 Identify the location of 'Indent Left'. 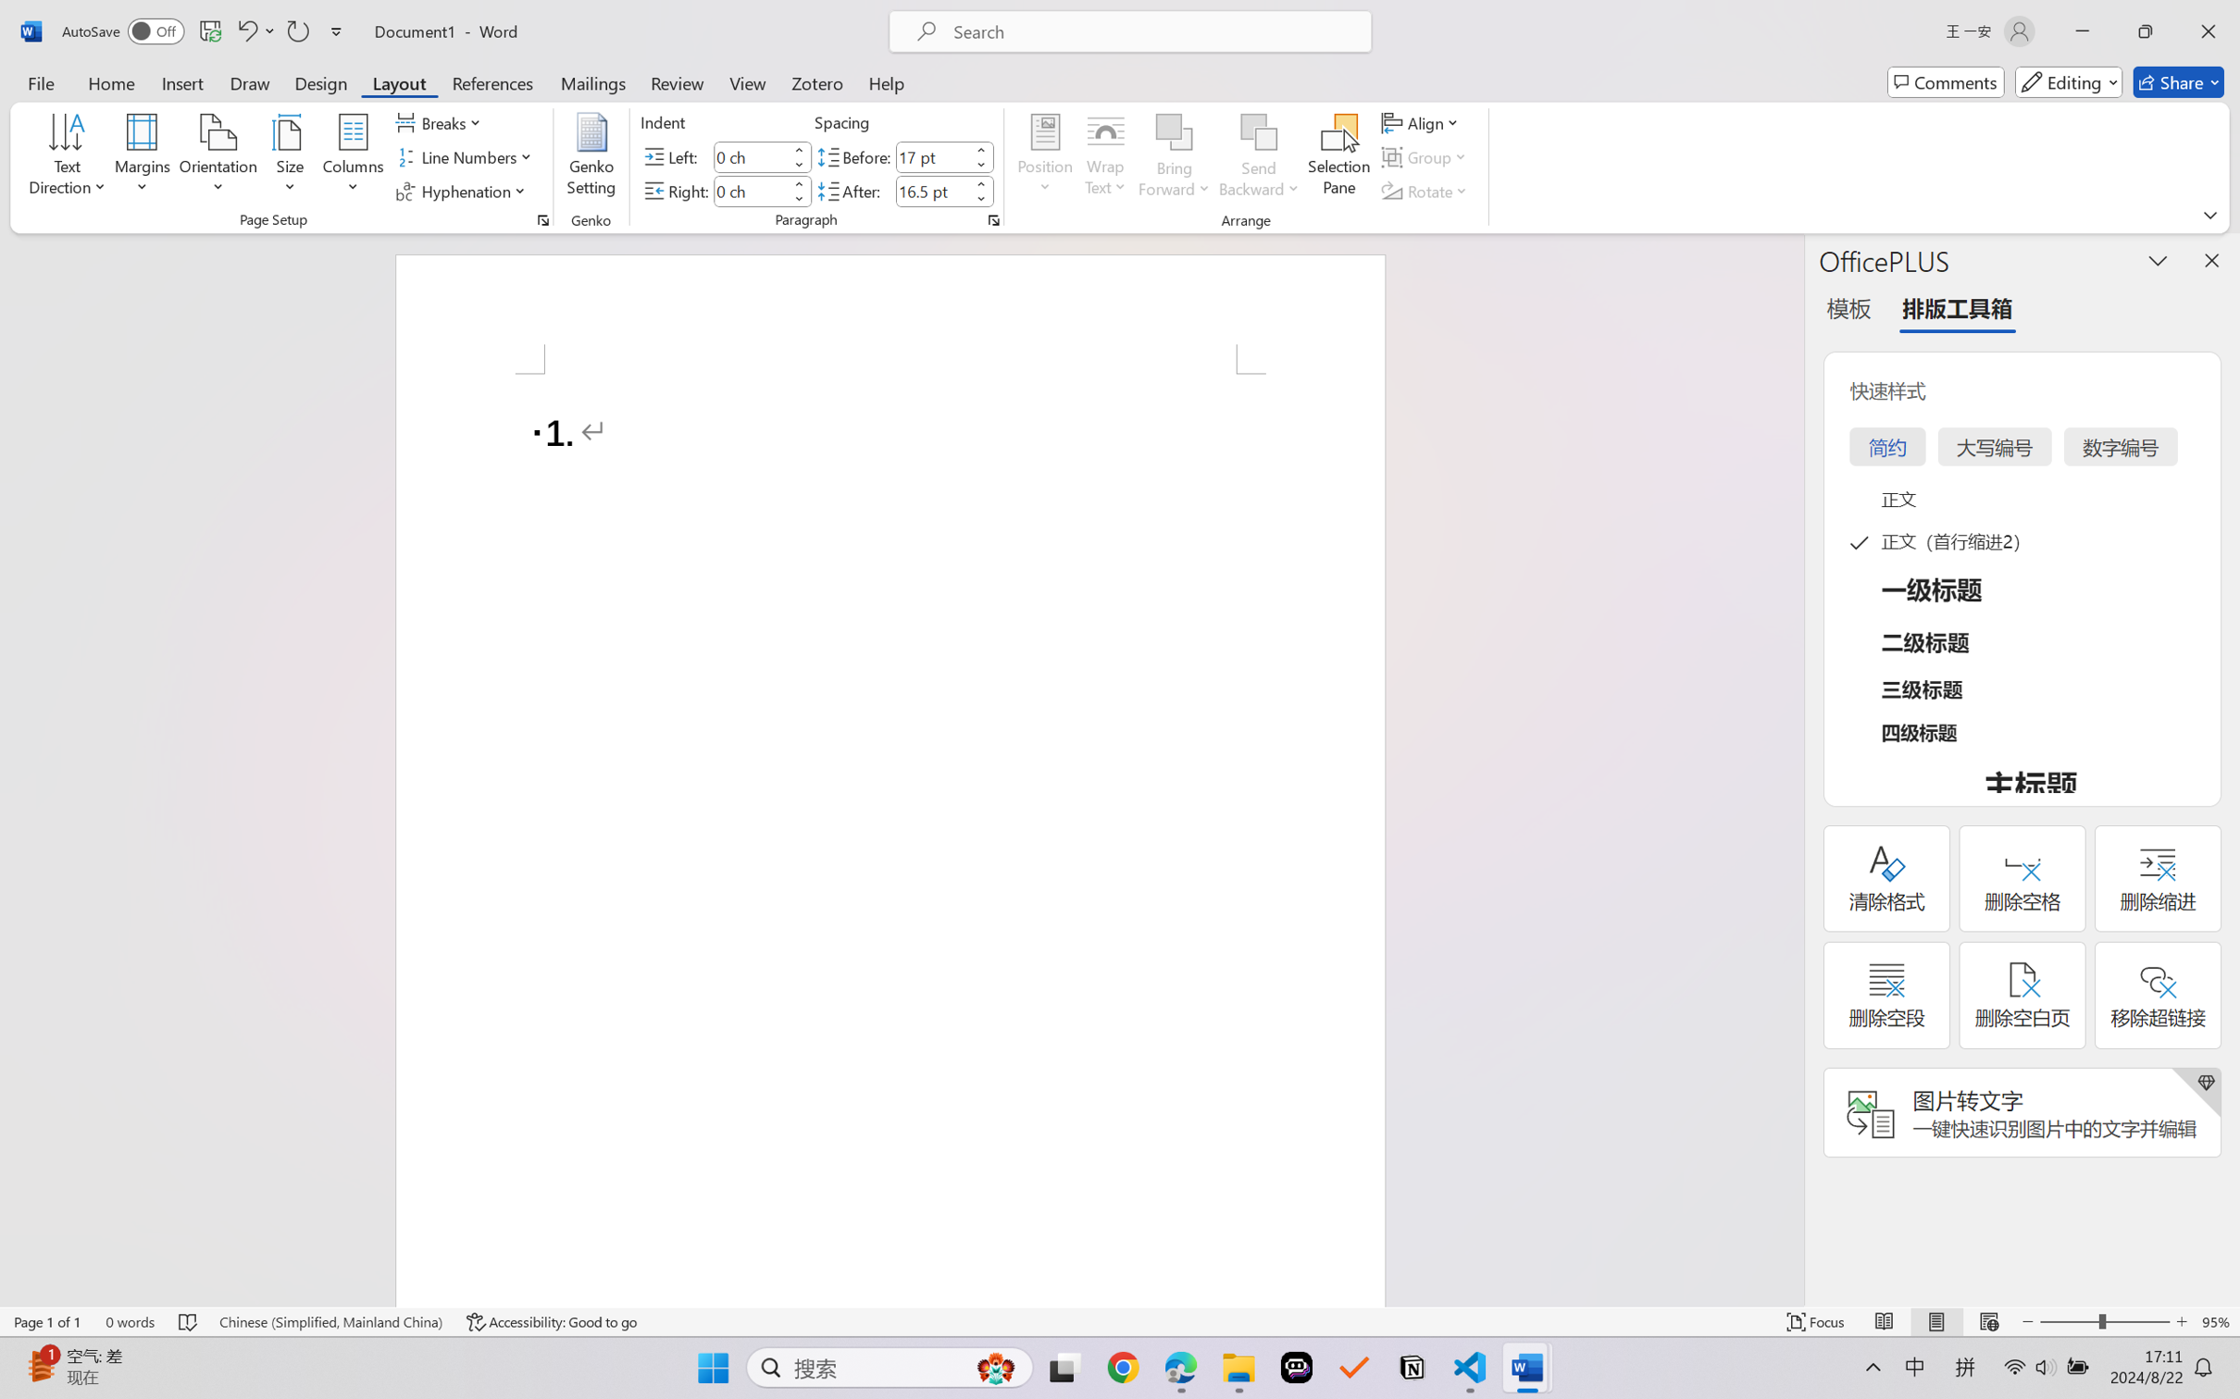
(750, 155).